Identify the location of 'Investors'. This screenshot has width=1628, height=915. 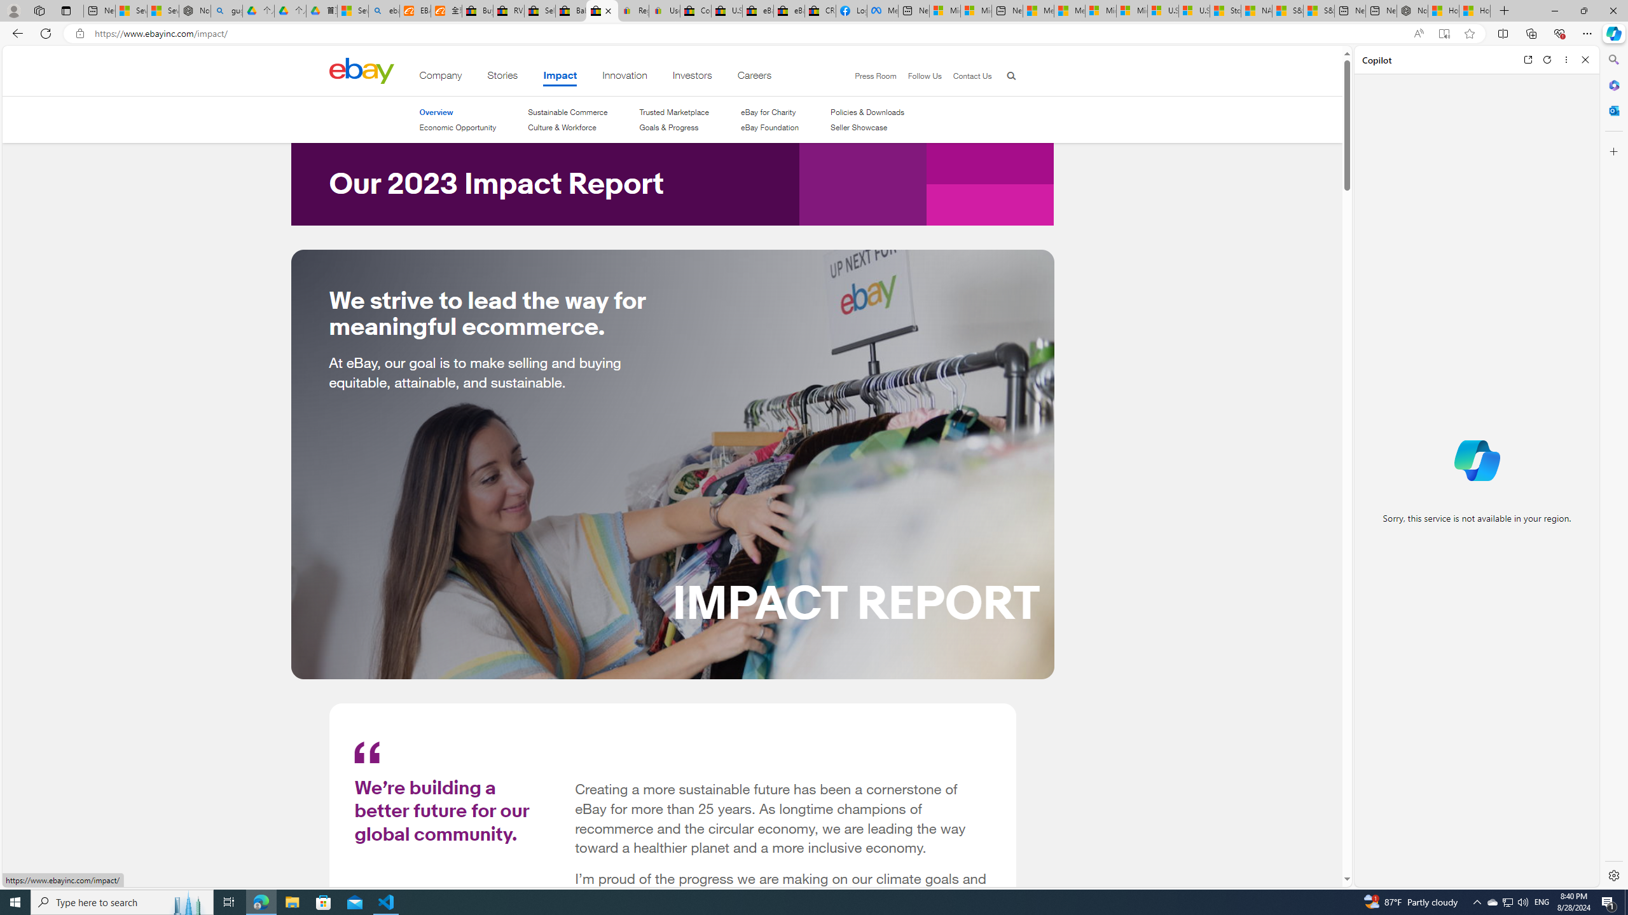
(692, 78).